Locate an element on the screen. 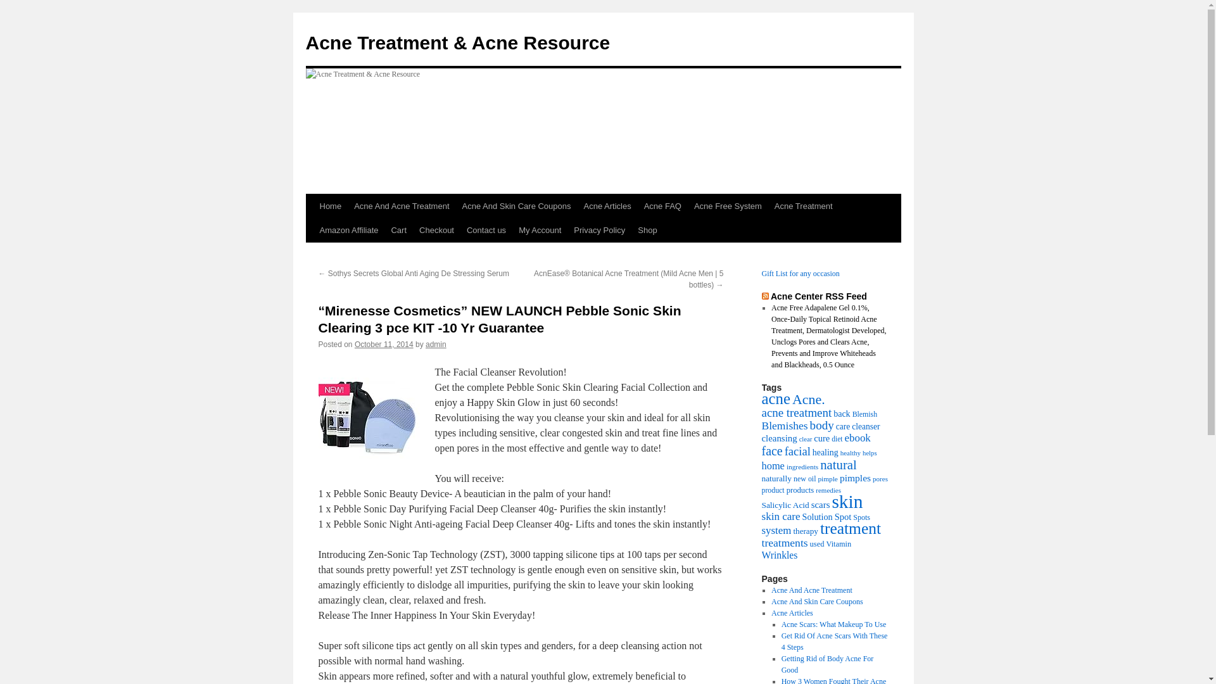 Image resolution: width=1216 pixels, height=684 pixels. 'facial' is located at coordinates (797, 450).